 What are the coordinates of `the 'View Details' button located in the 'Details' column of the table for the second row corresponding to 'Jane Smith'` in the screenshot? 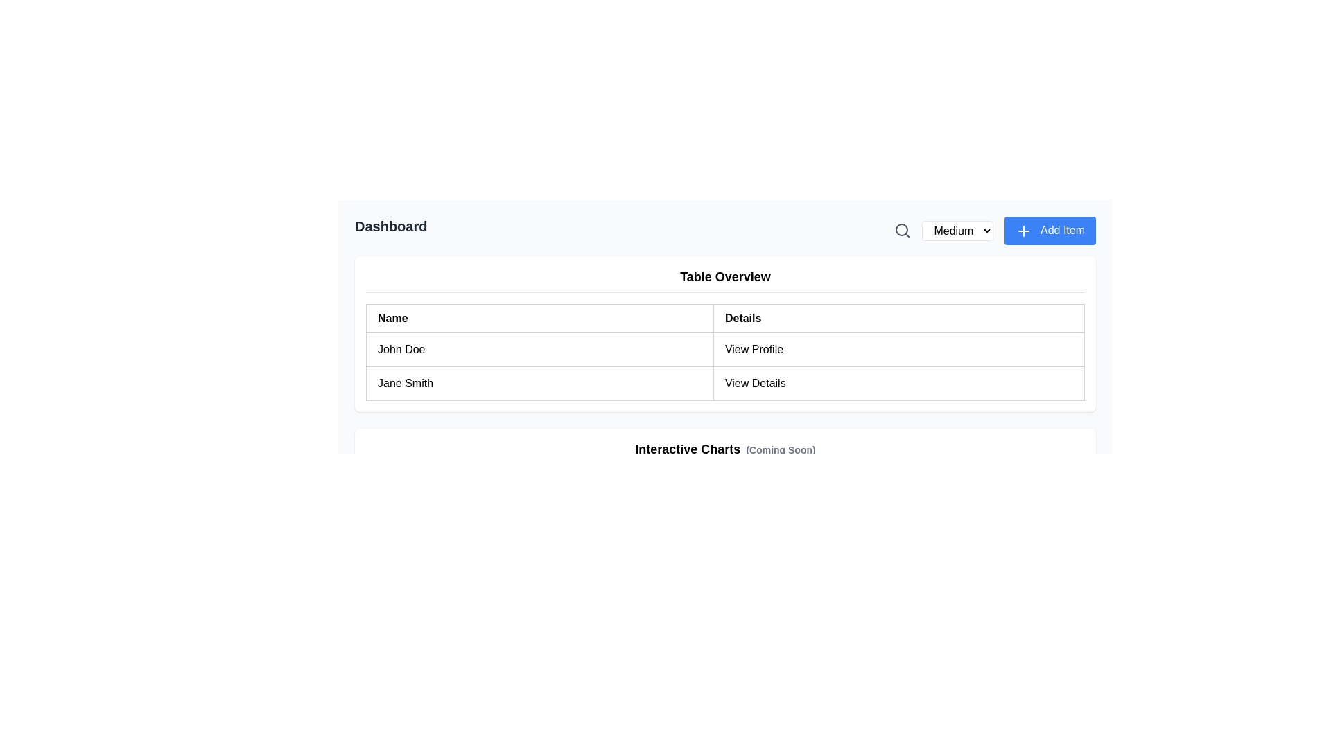 It's located at (898, 383).